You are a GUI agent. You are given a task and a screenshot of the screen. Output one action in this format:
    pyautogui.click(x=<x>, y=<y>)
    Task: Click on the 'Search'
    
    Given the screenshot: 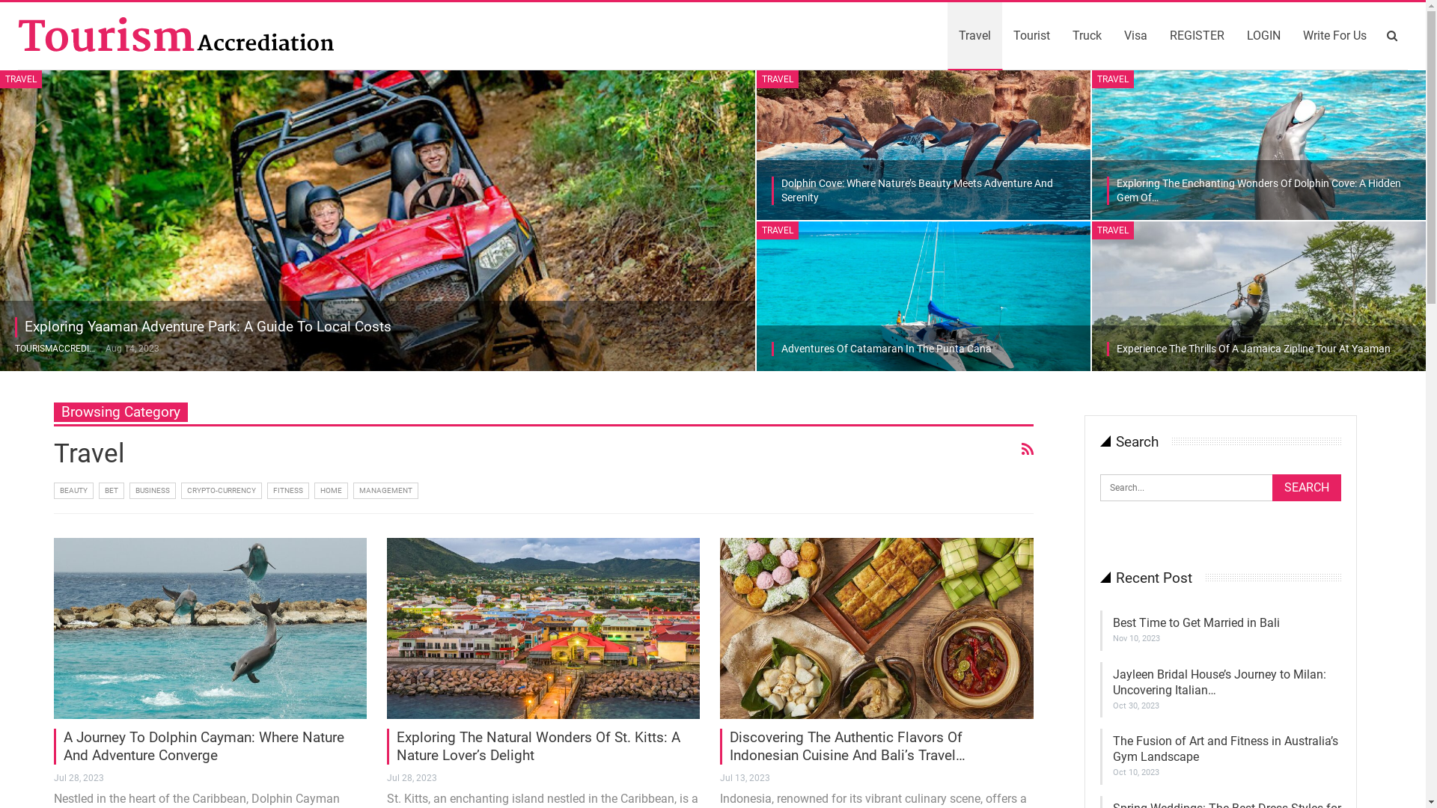 What is the action you would take?
    pyautogui.click(x=1306, y=487)
    